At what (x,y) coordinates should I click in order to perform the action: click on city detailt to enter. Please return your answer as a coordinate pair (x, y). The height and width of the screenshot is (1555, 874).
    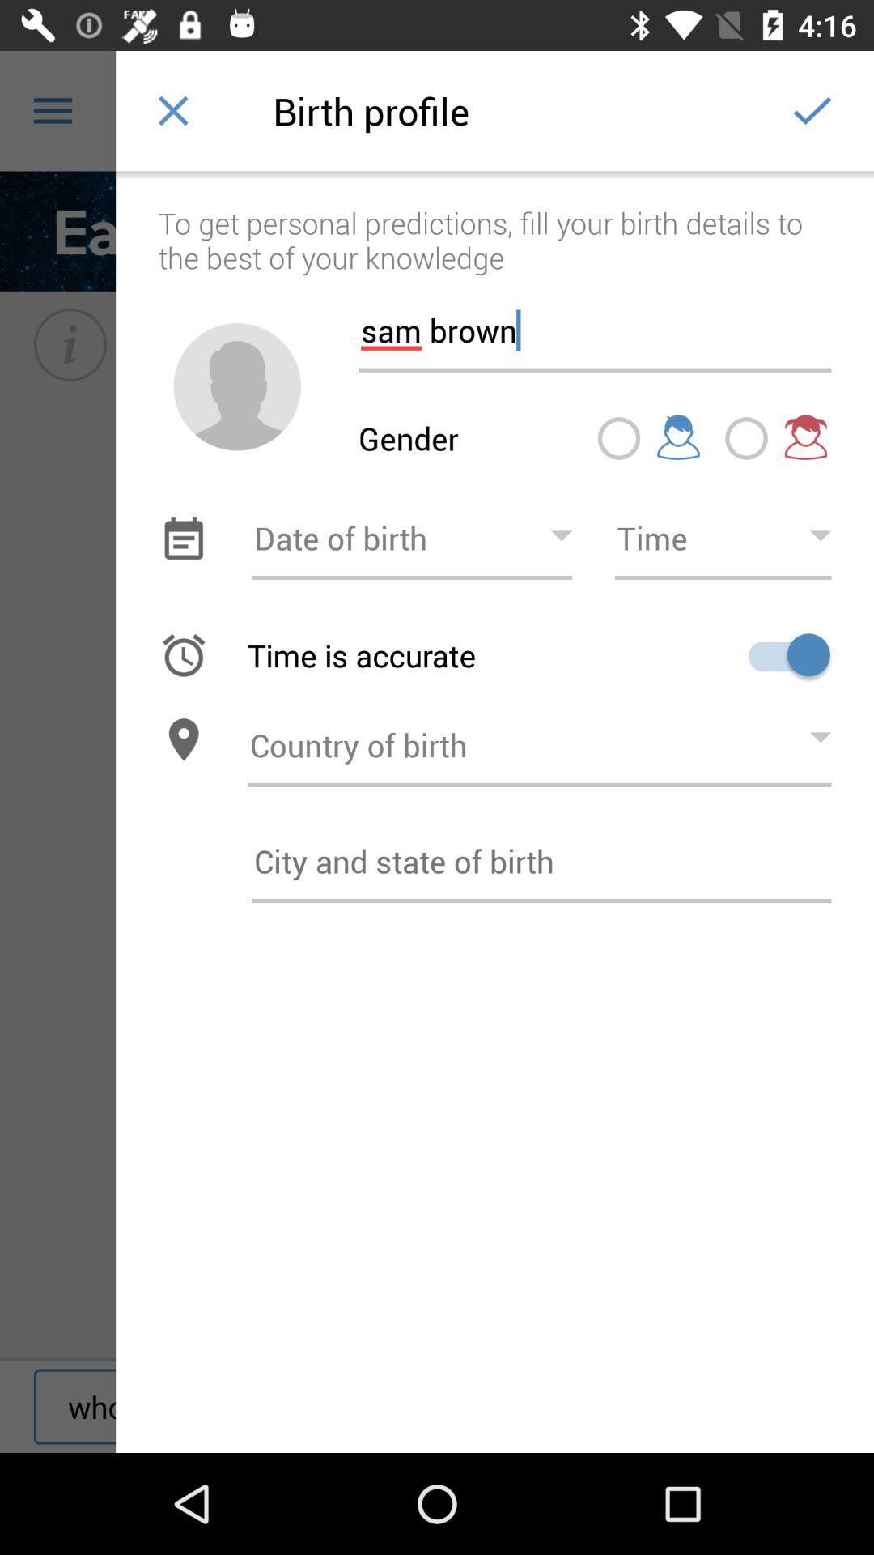
    Looking at the image, I should click on (541, 860).